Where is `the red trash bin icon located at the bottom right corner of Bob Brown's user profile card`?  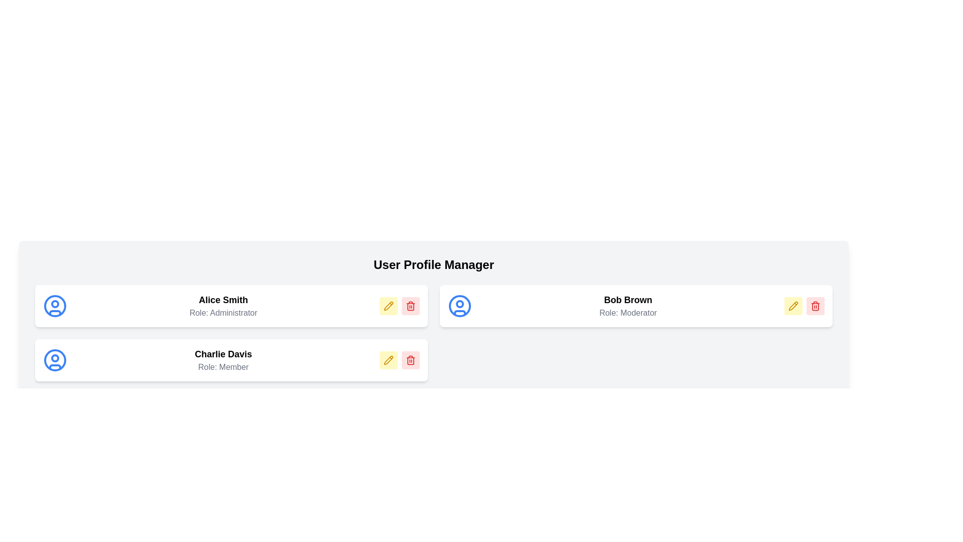
the red trash bin icon located at the bottom right corner of Bob Brown's user profile card is located at coordinates (411, 306).